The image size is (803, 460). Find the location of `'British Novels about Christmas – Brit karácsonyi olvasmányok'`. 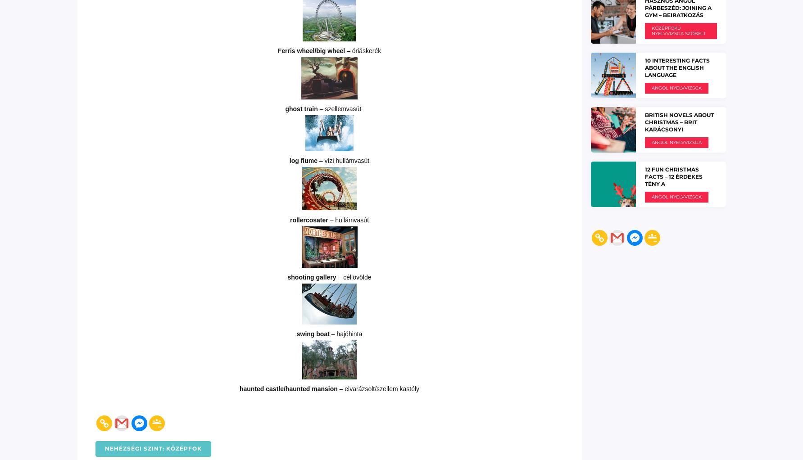

'British Novels about Christmas – Brit karácsonyi olvasmányok' is located at coordinates (679, 125).